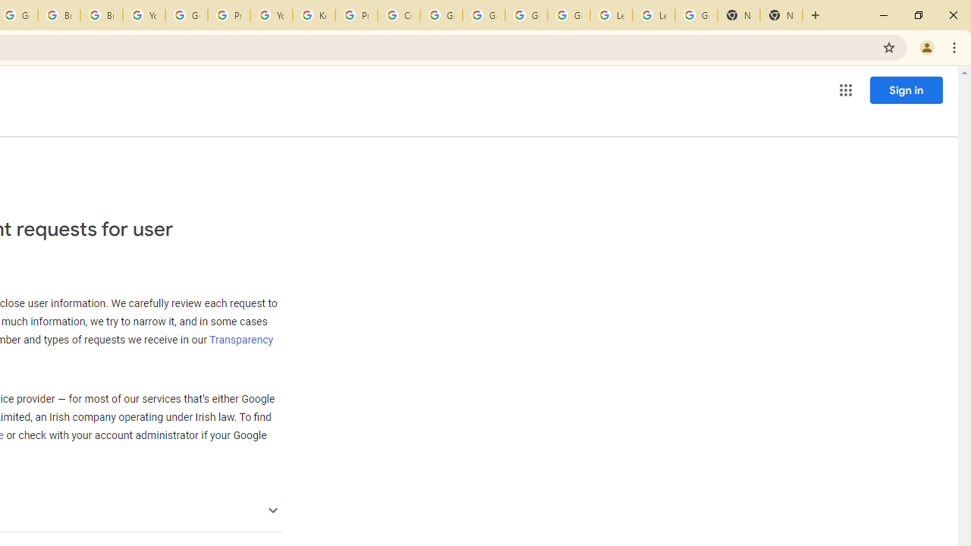  What do you see at coordinates (399, 15) in the screenshot?
I see `'Create your Google Account'` at bounding box center [399, 15].